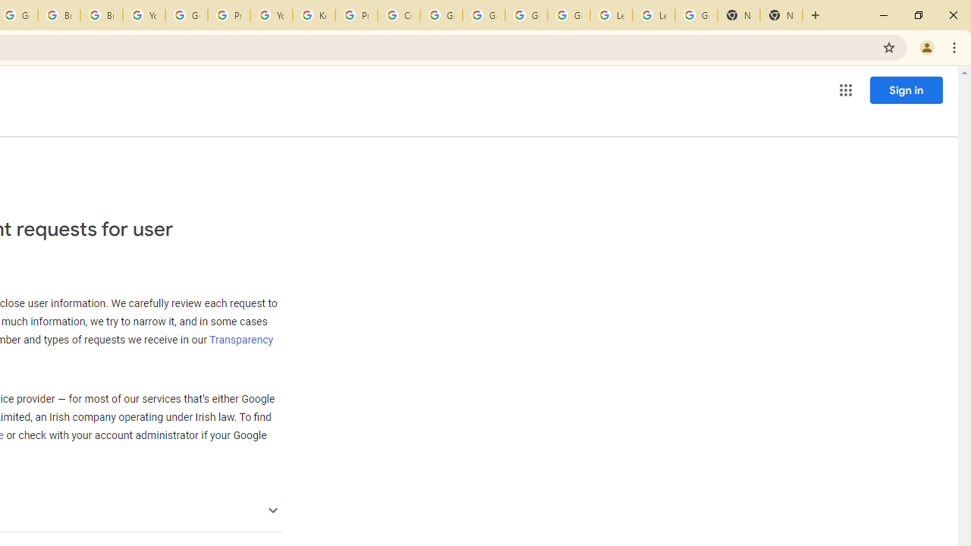  What do you see at coordinates (399, 15) in the screenshot?
I see `'Create your Google Account'` at bounding box center [399, 15].